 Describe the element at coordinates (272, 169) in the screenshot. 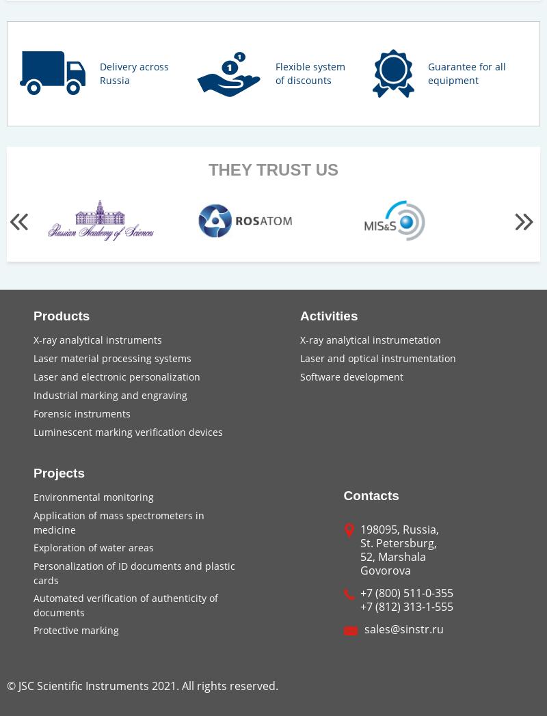

I see `'They trust us'` at that location.